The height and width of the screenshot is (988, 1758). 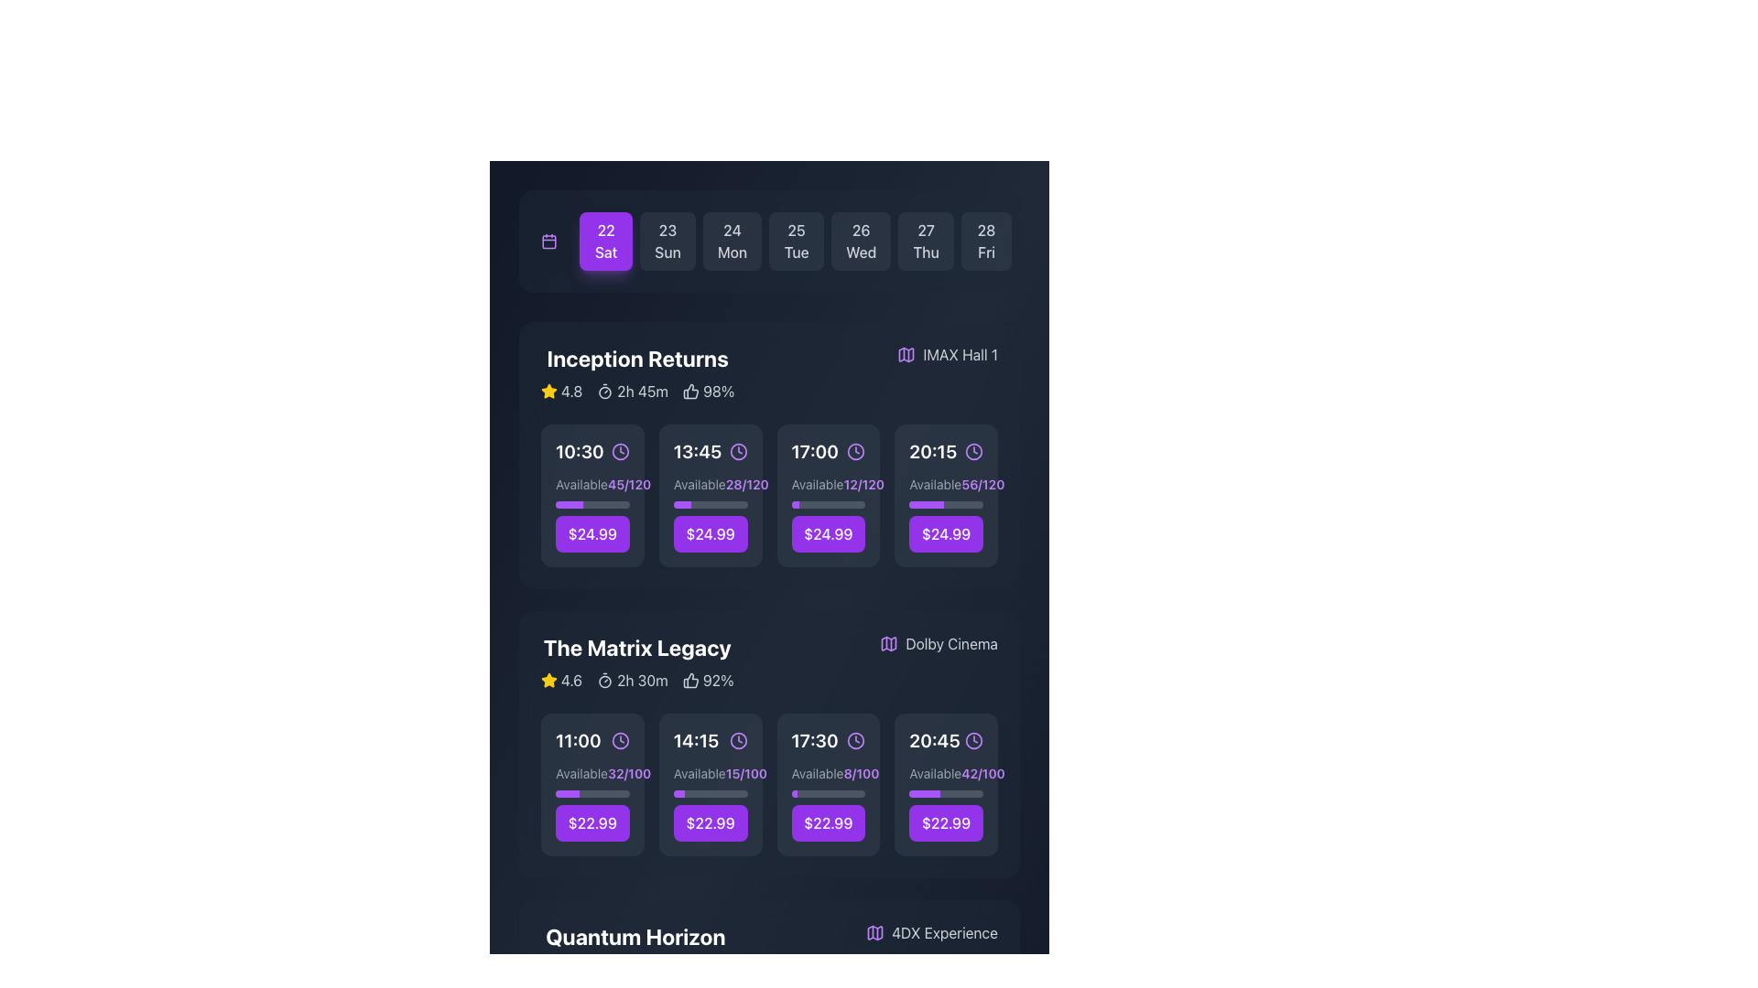 I want to click on the button for selecting seats for 'The Matrix Legacy' at 11:00 to observe the hover effect, so click(x=592, y=783).